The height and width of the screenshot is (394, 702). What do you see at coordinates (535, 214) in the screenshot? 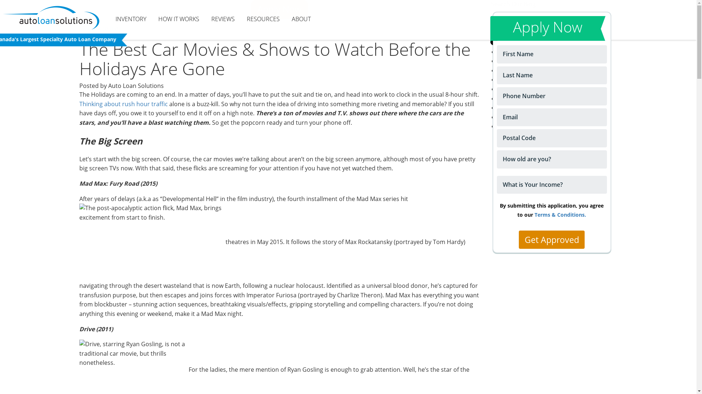
I see `'Terms & Conditions.'` at bounding box center [535, 214].